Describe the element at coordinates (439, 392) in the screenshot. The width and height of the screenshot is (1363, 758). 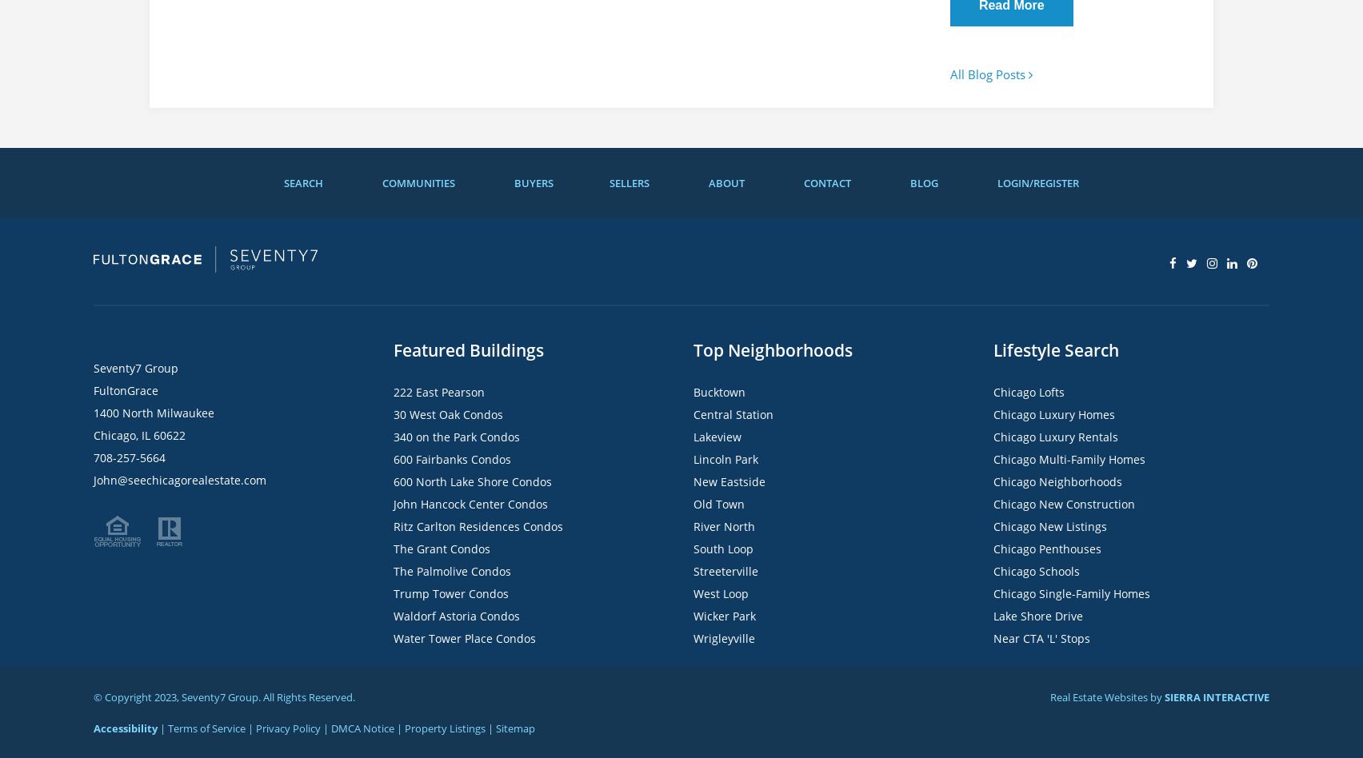
I see `'222 East Pearson'` at that location.